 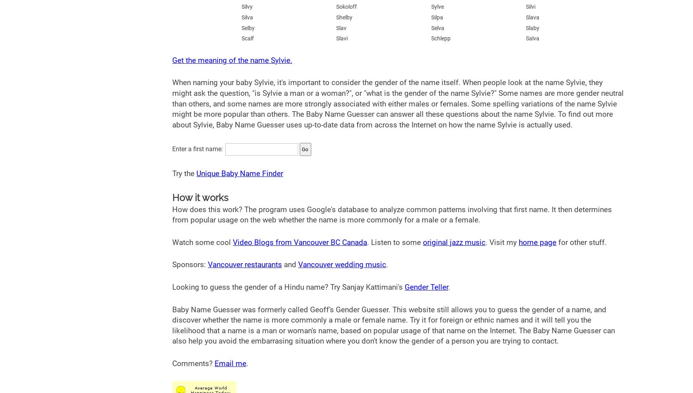 I want to click on 'Slava', so click(x=533, y=17).